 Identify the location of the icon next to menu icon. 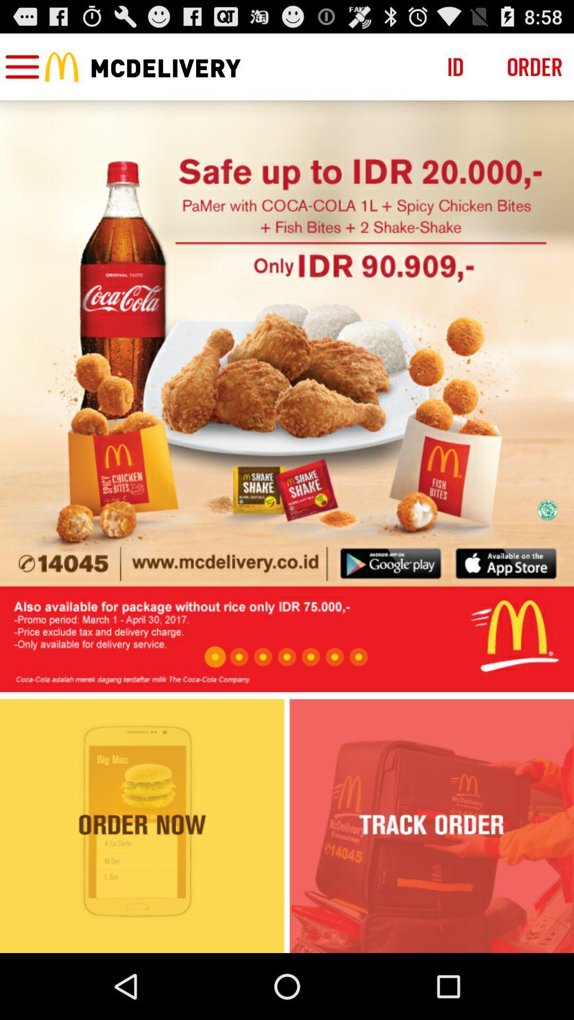
(61, 66).